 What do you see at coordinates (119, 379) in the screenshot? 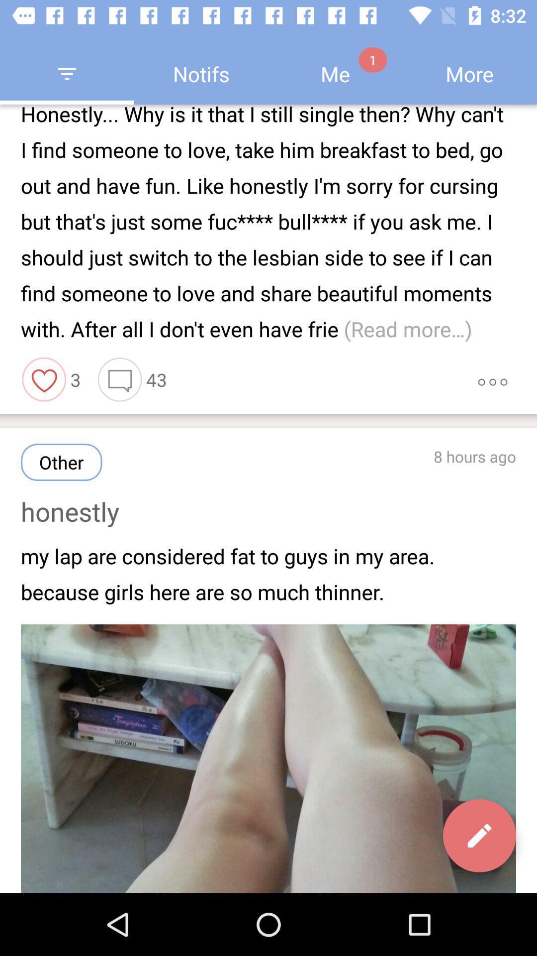
I see `icon to the left of the 43 item` at bounding box center [119, 379].